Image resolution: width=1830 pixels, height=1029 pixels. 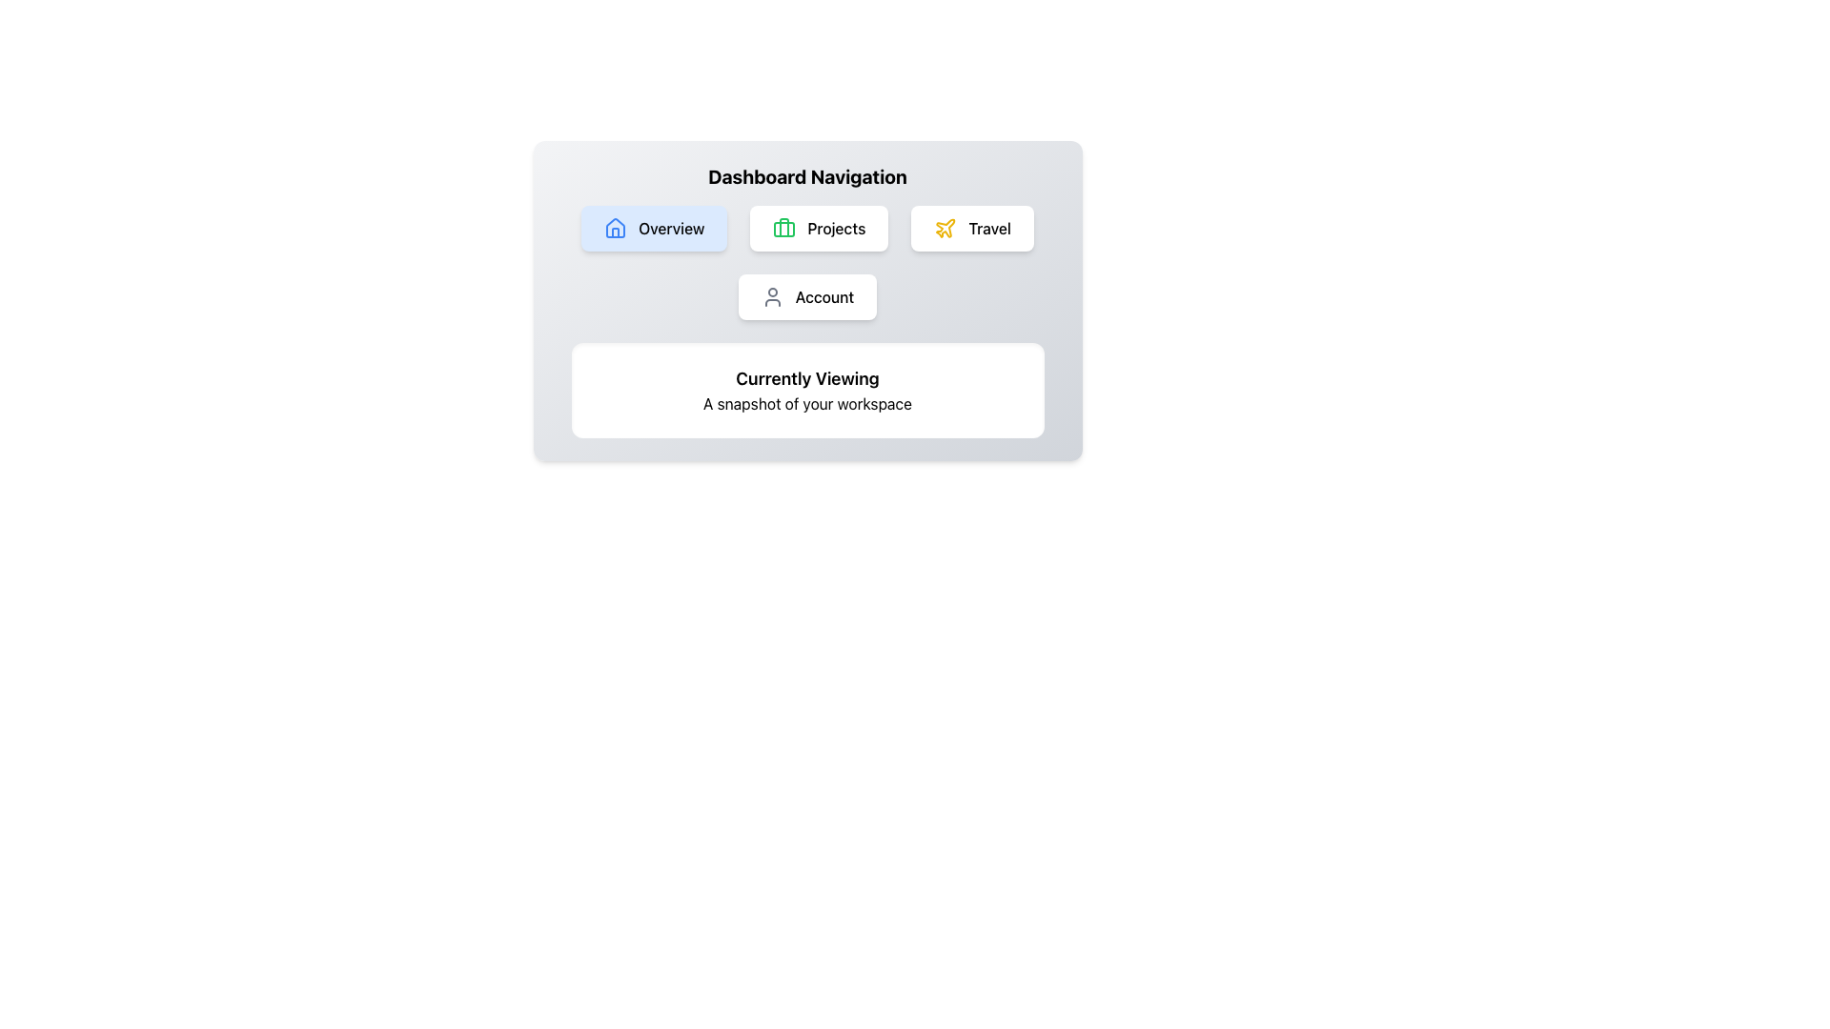 I want to click on the 'Projects' button located in the upper portion of the interface within the 'Dashboard Navigation' section to observe its hover effect, so click(x=819, y=227).